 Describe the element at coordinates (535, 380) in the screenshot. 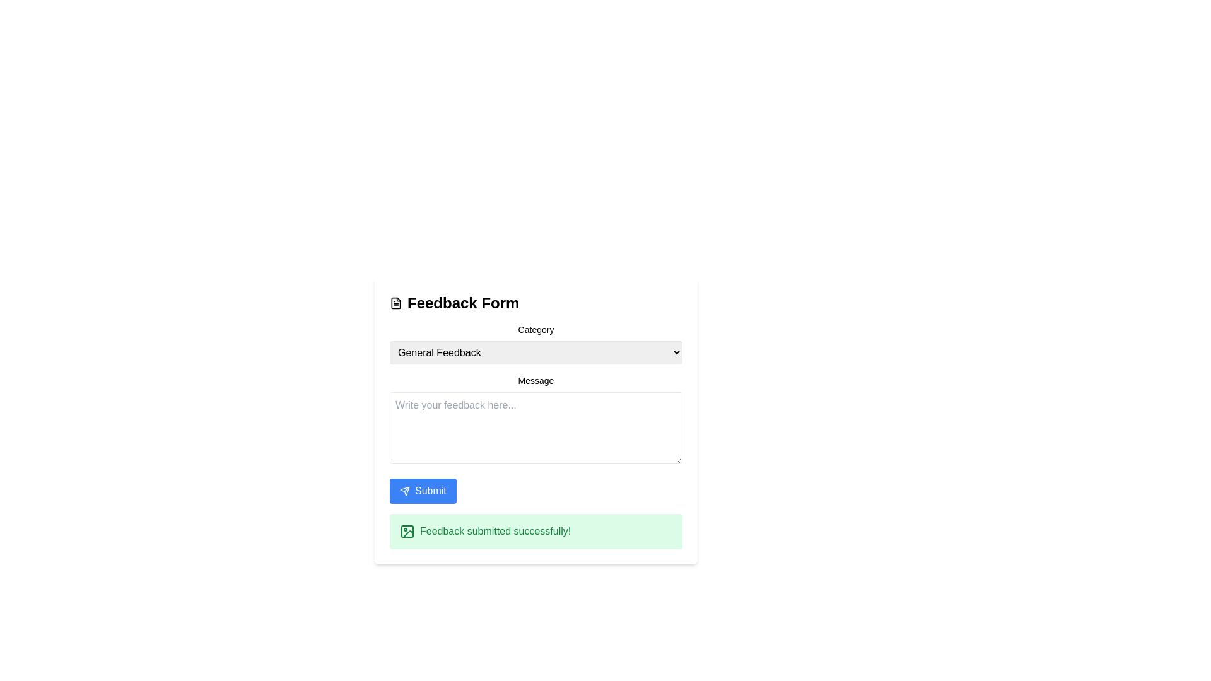

I see `label that describes the purpose of the input field for feedback, positioned directly above the input field labeled 'Write your feedback here...'` at that location.